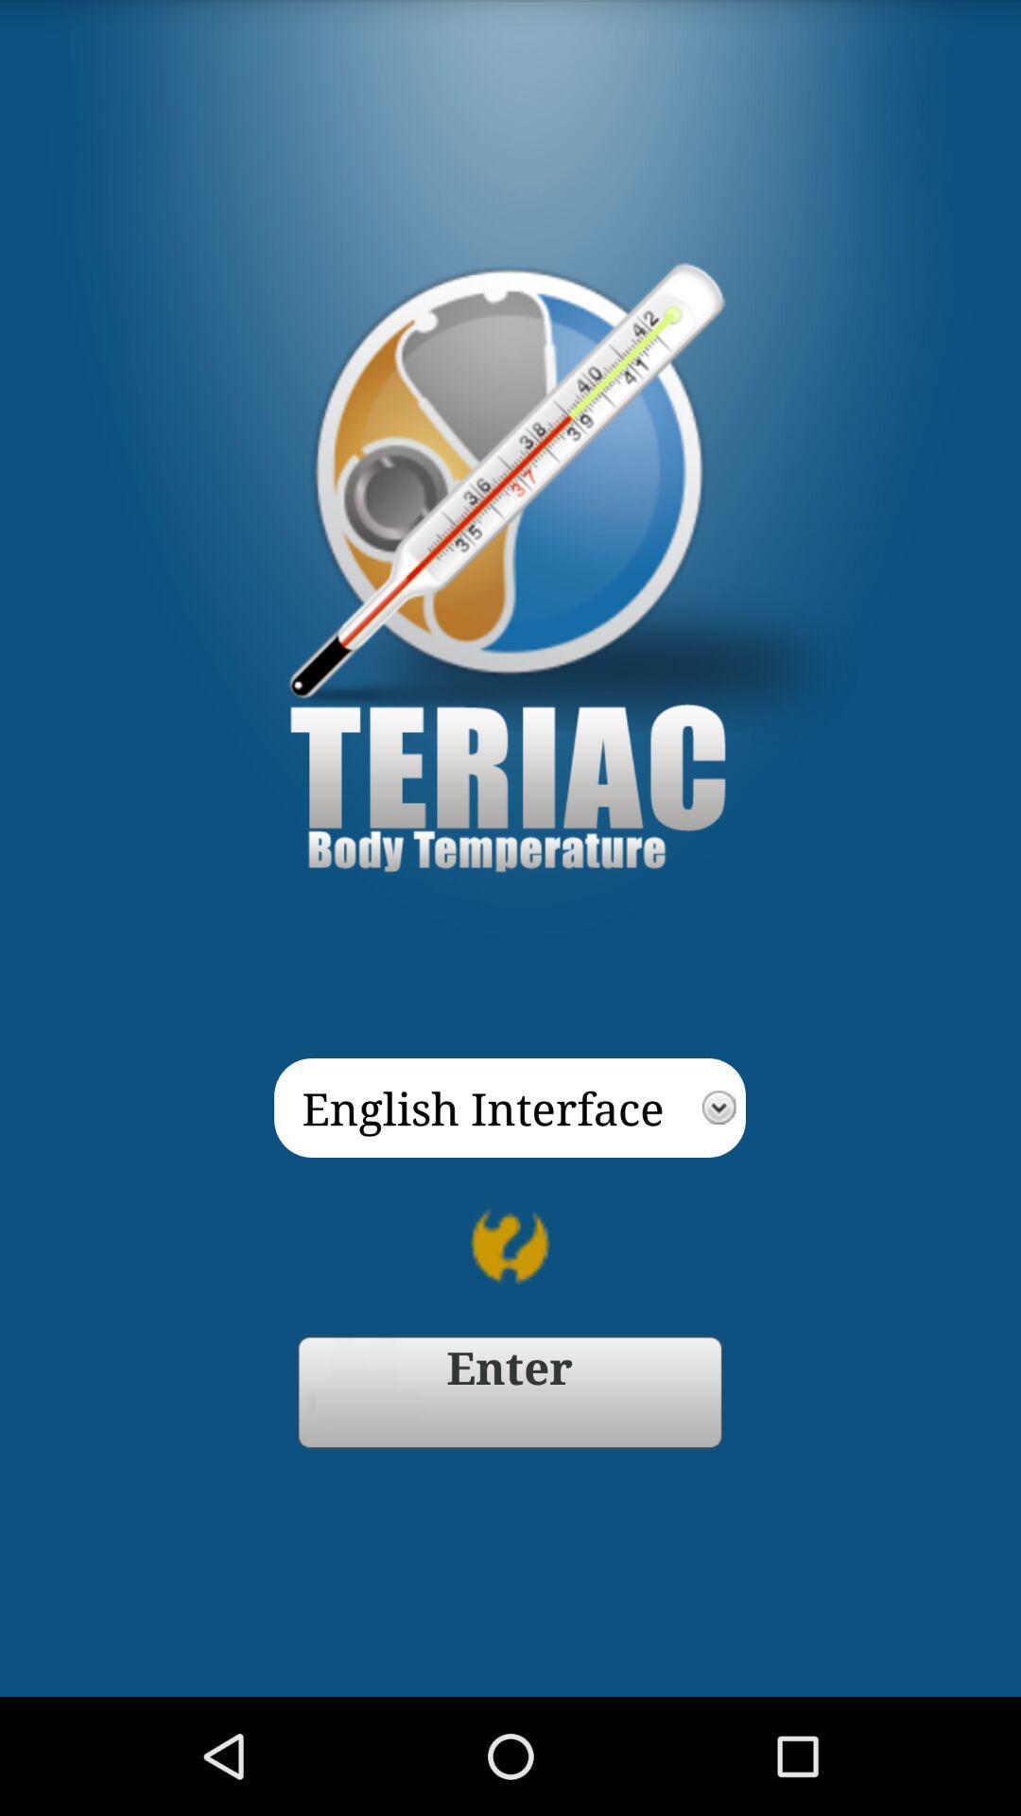  I want to click on open, so click(509, 1392).